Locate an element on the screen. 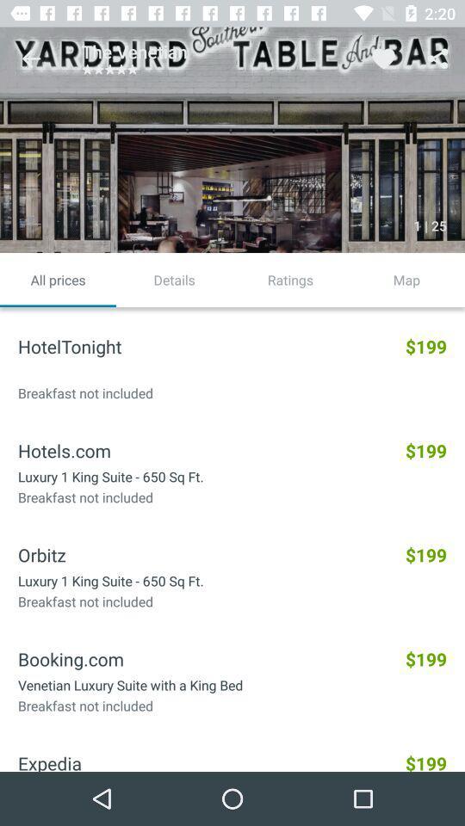  icon to the right of details item is located at coordinates (290, 280).